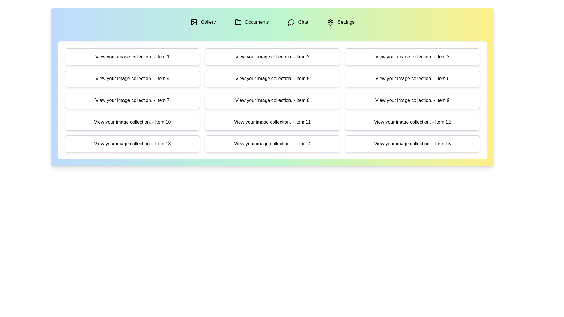  What do you see at coordinates (203, 22) in the screenshot?
I see `the tab labeled Gallery to preview its content` at bounding box center [203, 22].